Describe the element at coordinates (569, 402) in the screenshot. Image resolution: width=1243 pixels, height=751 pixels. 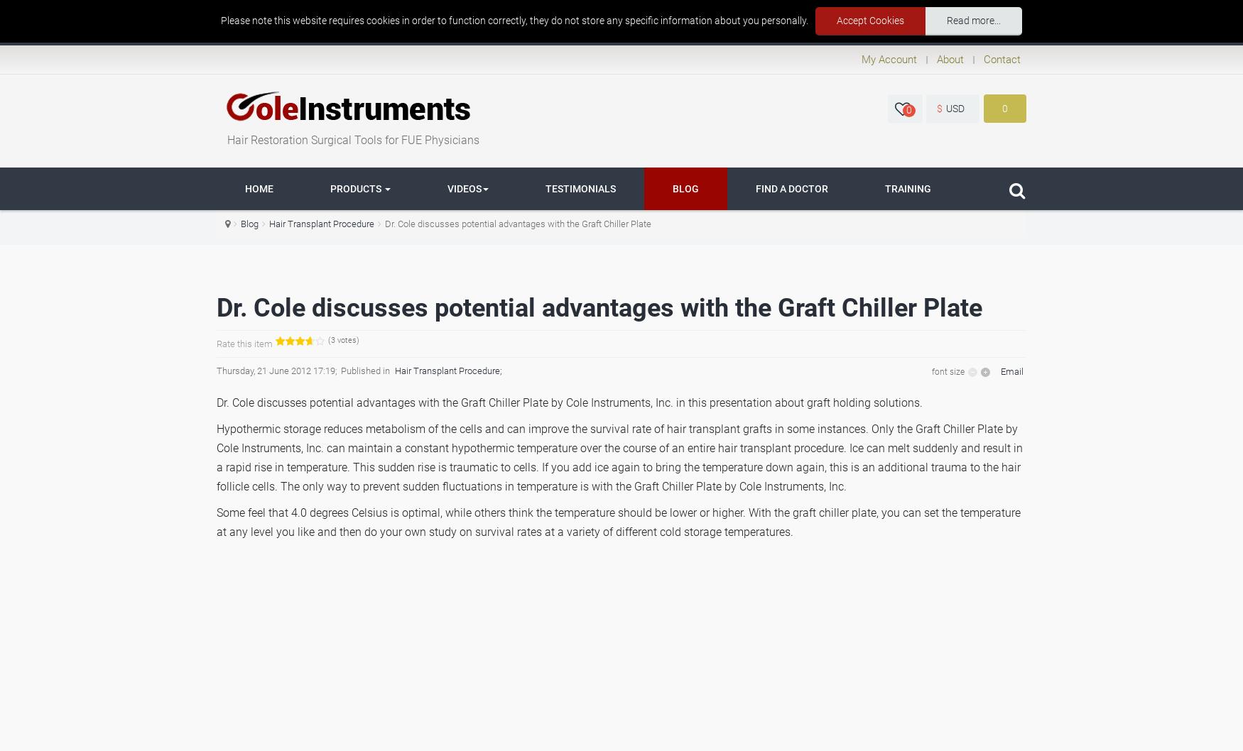
I see `'Dr. Cole discusses potential advantages with the Graft Chiller Plate by Cole Instruments, Inc. in this presentation about graft holding solutions.'` at that location.